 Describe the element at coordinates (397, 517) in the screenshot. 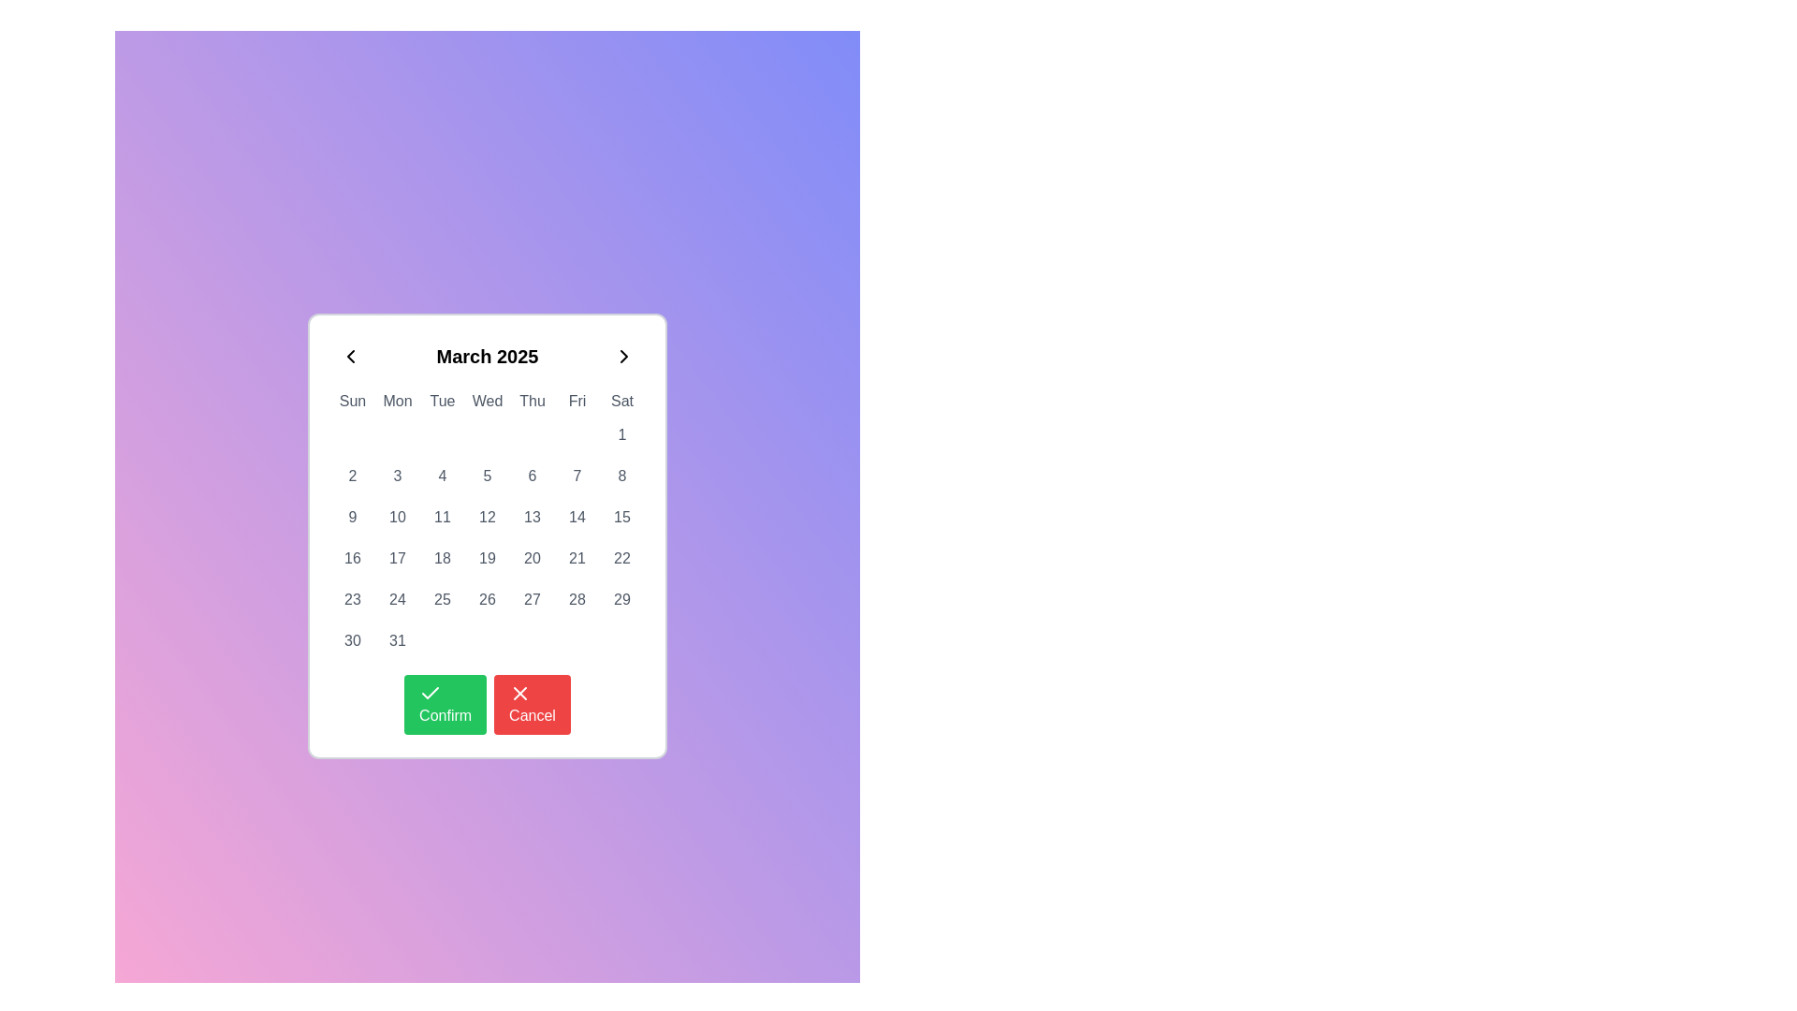

I see `the selectable date cell button for the 10th day of the displayed month, located in the second week row and second column (Monday) of the calendar view` at that location.